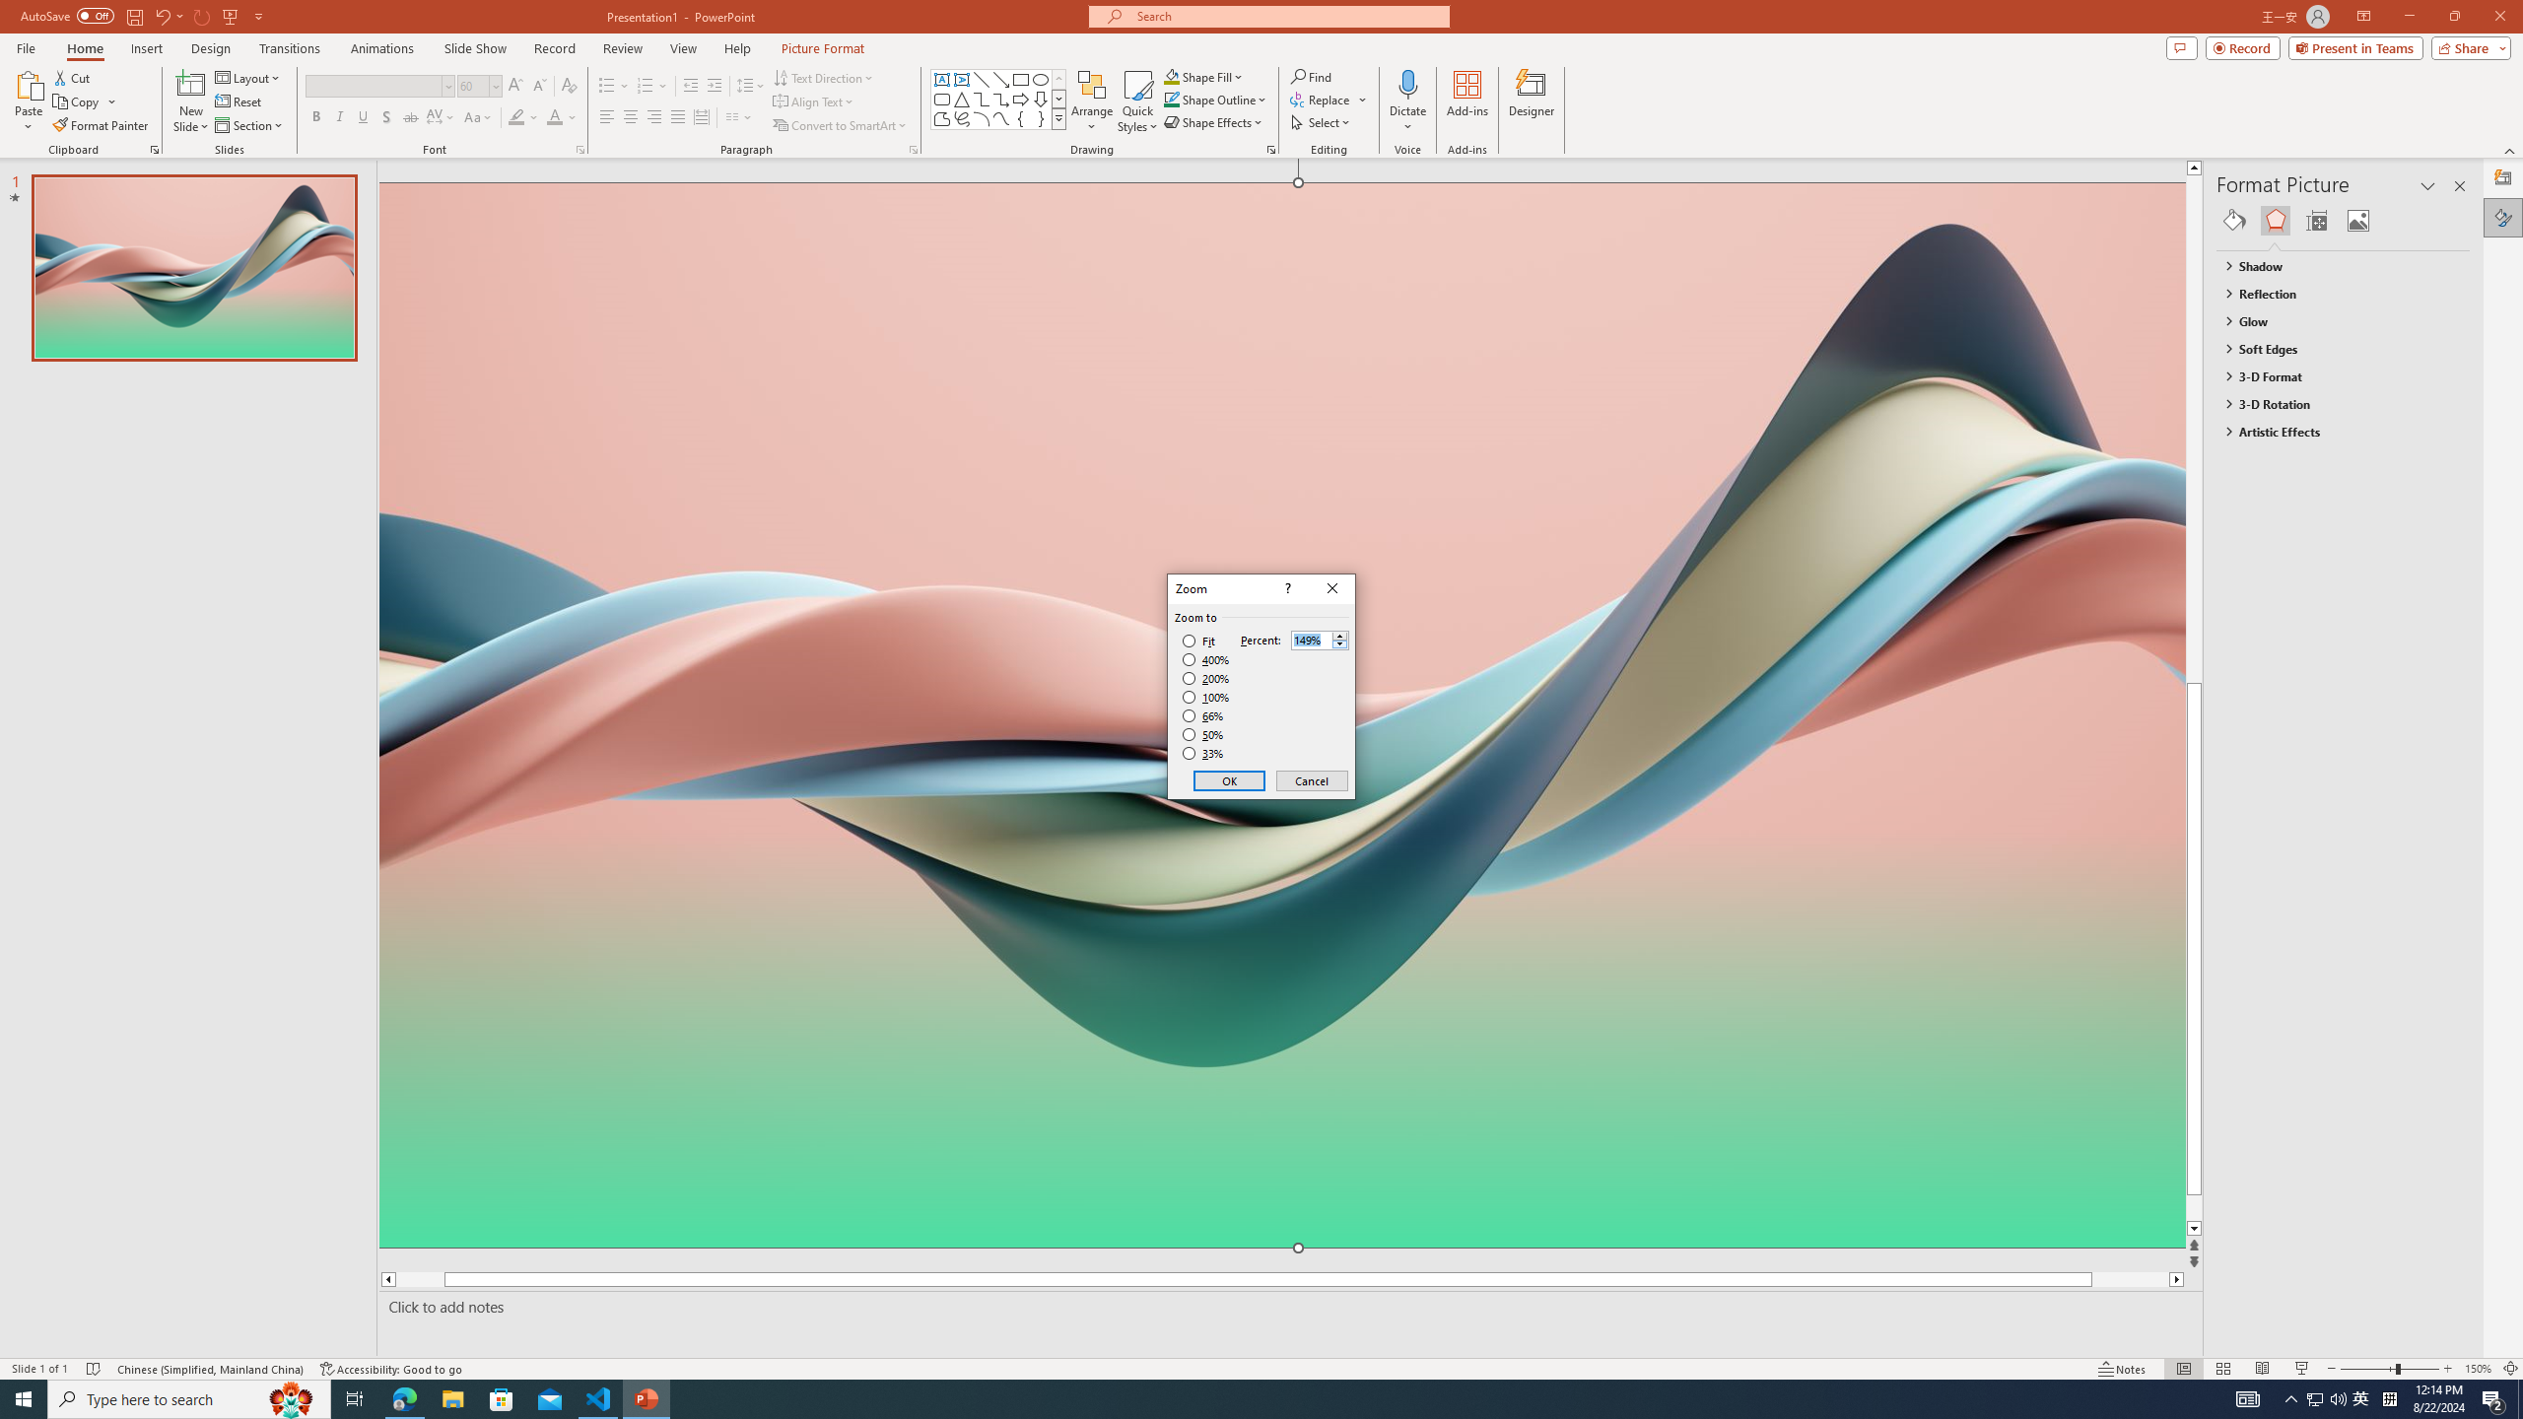 This screenshot has width=2523, height=1419. What do you see at coordinates (2343, 219) in the screenshot?
I see `'Class: NetUIGalleryContainer'` at bounding box center [2343, 219].